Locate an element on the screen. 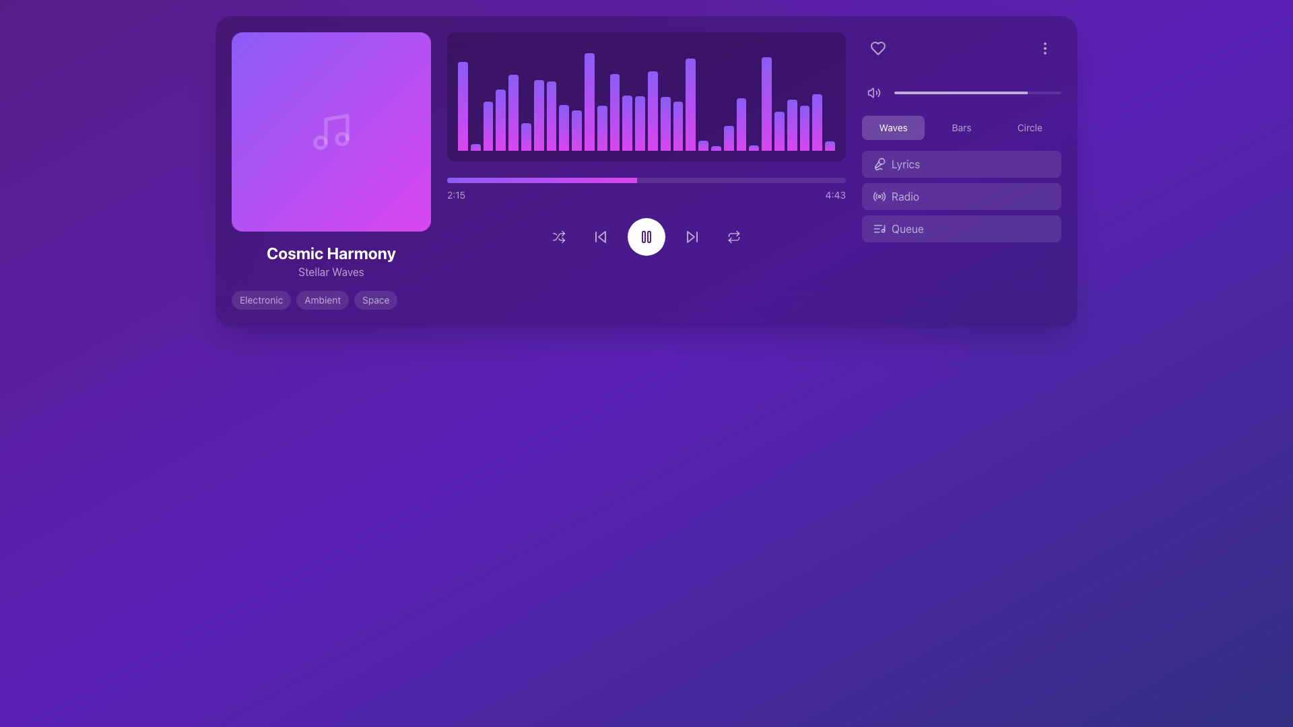 This screenshot has width=1293, height=727. the 11th vertical bar in a series, which has a gradient from fuchsia to violet and a rounded top is located at coordinates (589, 101).